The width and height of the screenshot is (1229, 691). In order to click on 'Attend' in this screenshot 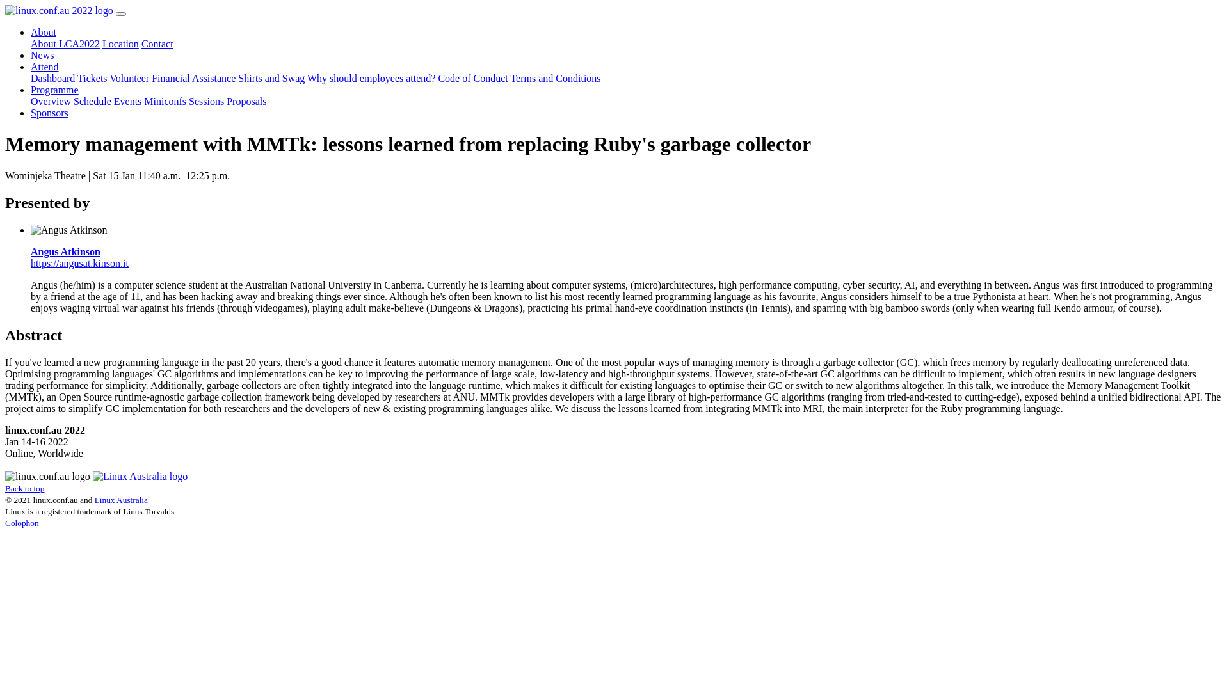, I will do `click(45, 67)`.